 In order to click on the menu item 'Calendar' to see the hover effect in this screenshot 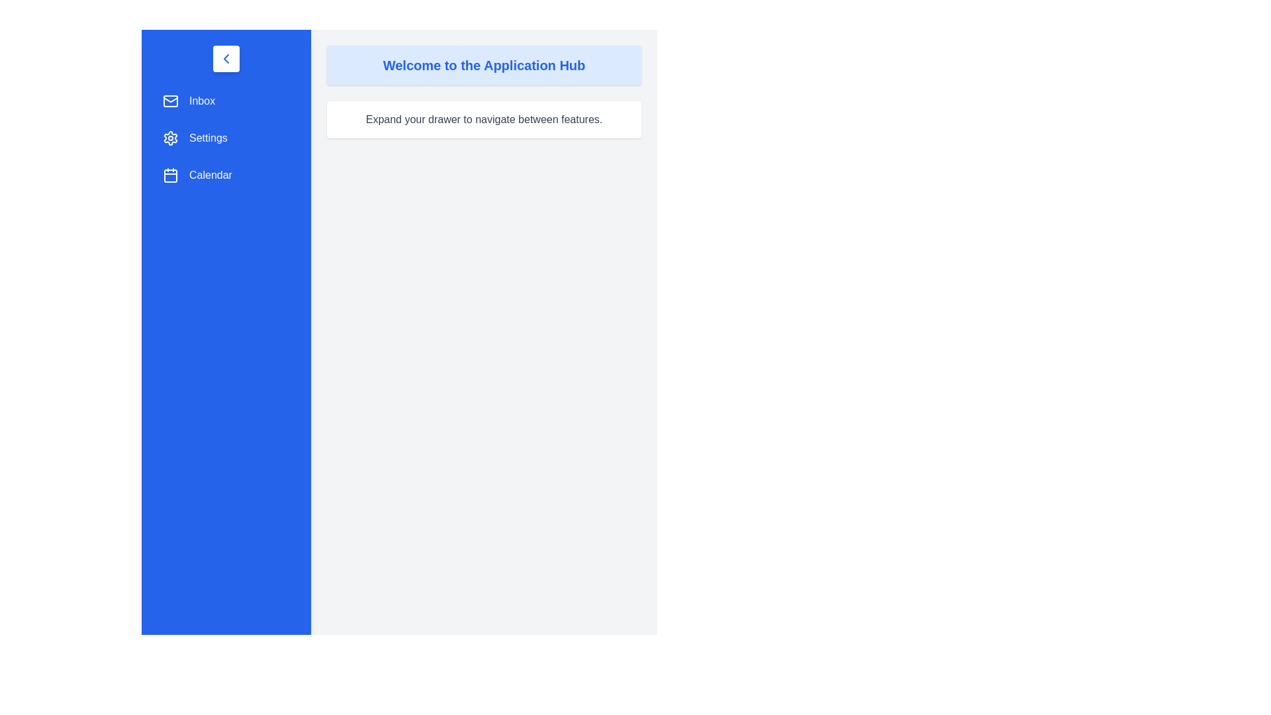, I will do `click(226, 175)`.